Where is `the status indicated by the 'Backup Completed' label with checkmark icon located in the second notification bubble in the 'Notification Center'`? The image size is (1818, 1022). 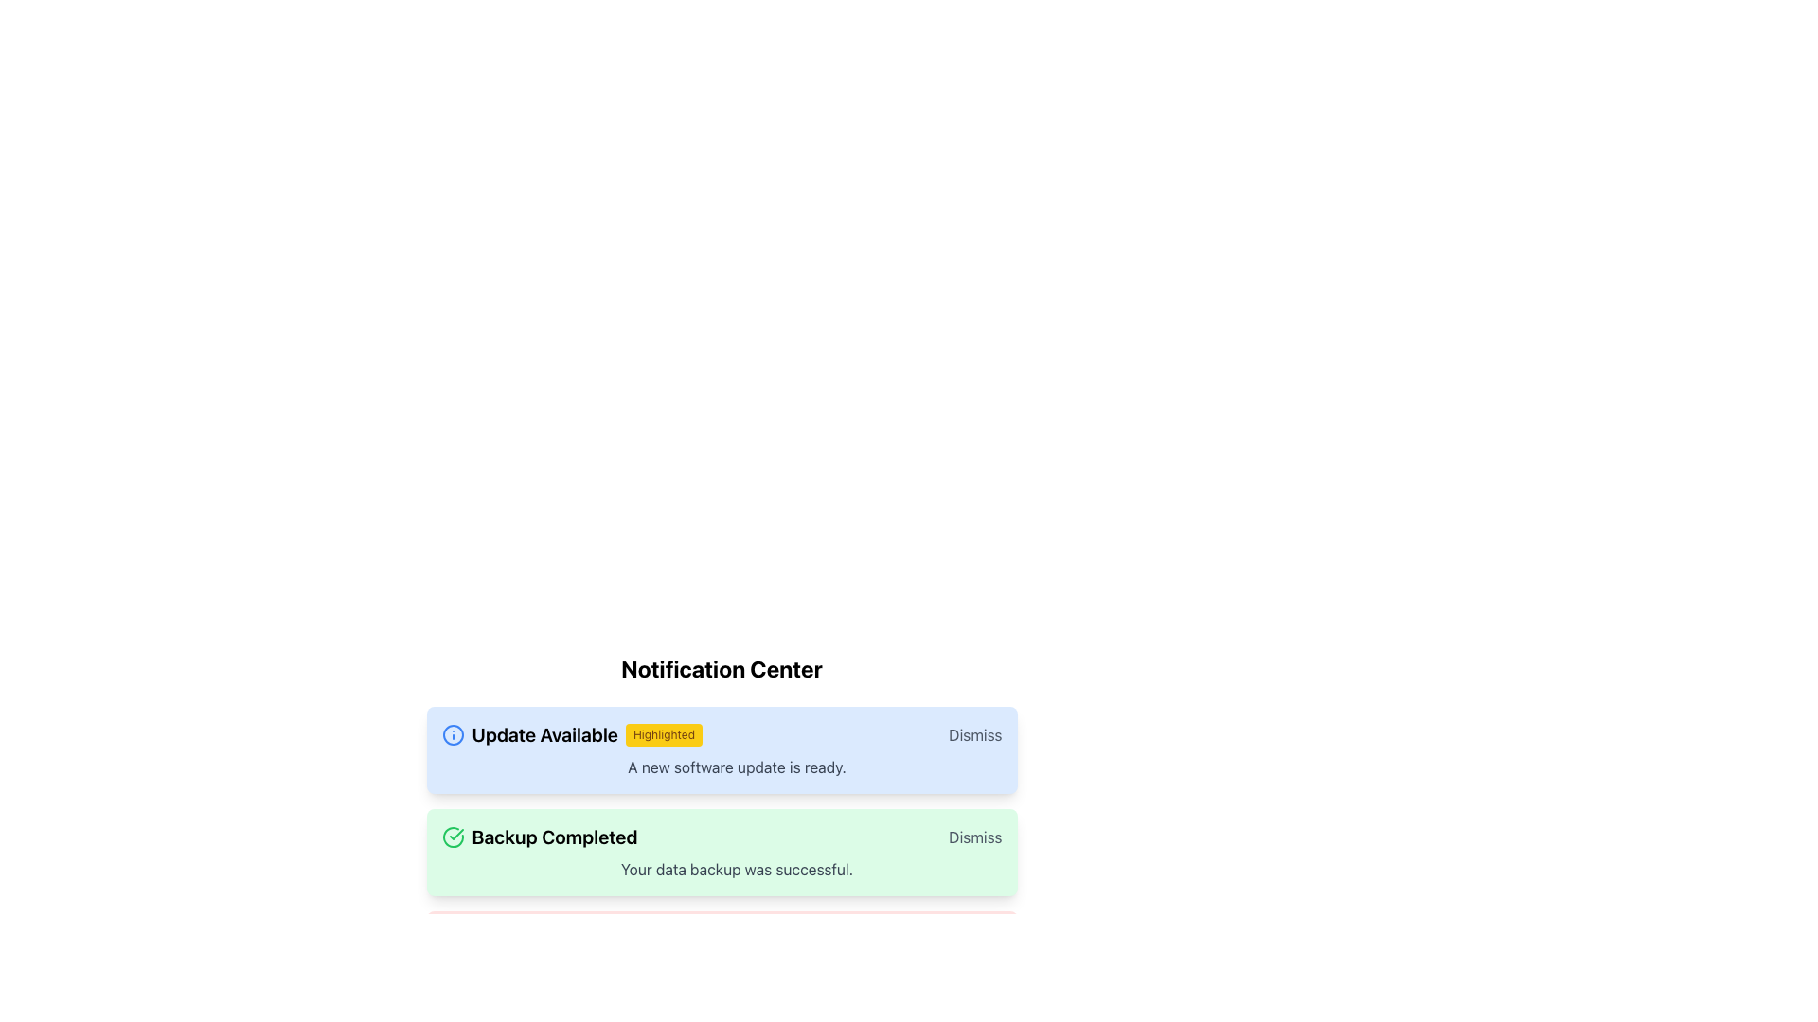 the status indicated by the 'Backup Completed' label with checkmark icon located in the second notification bubble in the 'Notification Center' is located at coordinates (539, 836).